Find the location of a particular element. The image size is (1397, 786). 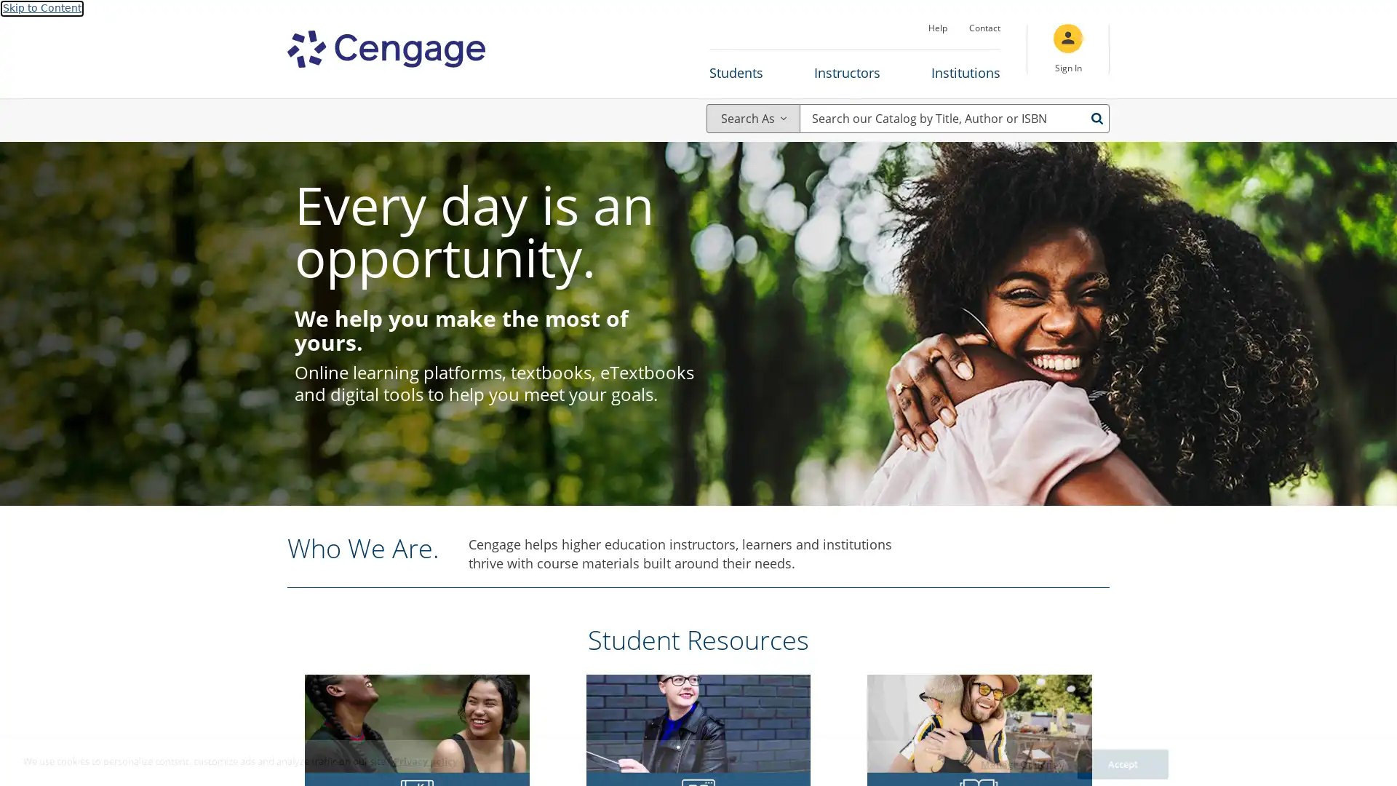

Search As is located at coordinates (753, 122).